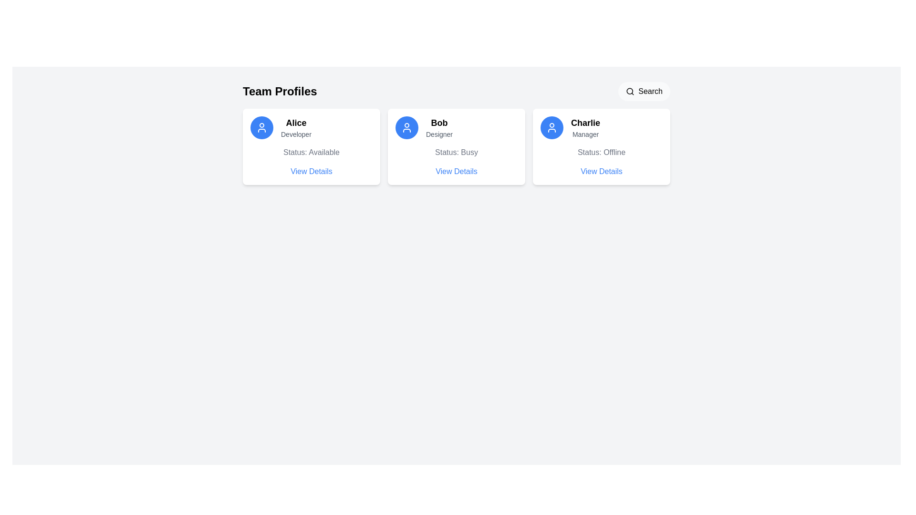 The height and width of the screenshot is (515, 916). Describe the element at coordinates (601, 171) in the screenshot. I see `the clickable text link located at the bottom of the card titled 'Charlie', which serves as a navigational link to a detailed page about Charlie` at that location.